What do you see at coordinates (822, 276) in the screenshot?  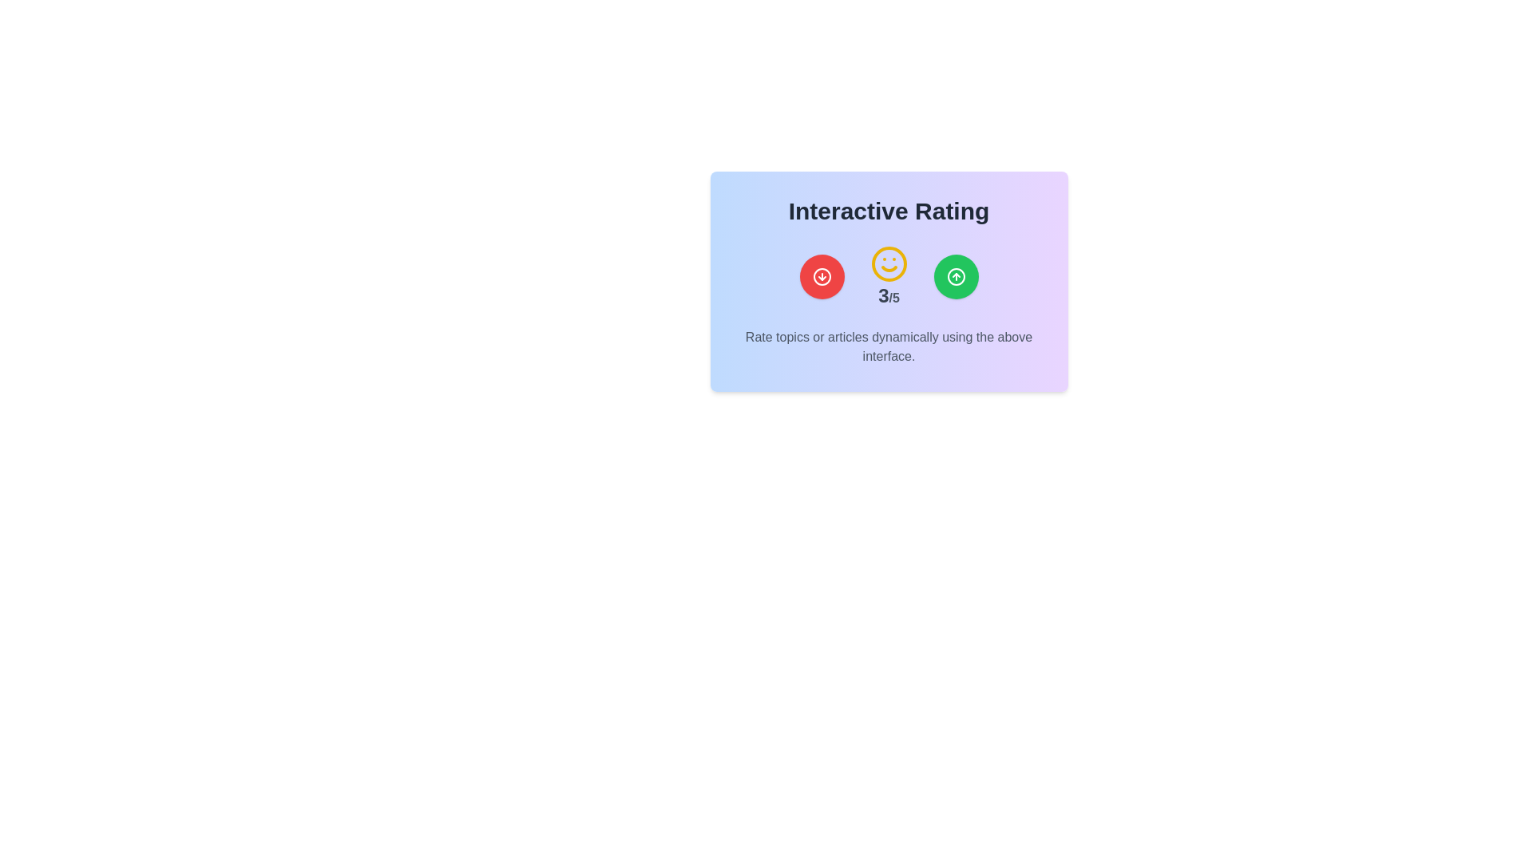 I see `the circular red button with a white downward-pointing arrow icon` at bounding box center [822, 276].